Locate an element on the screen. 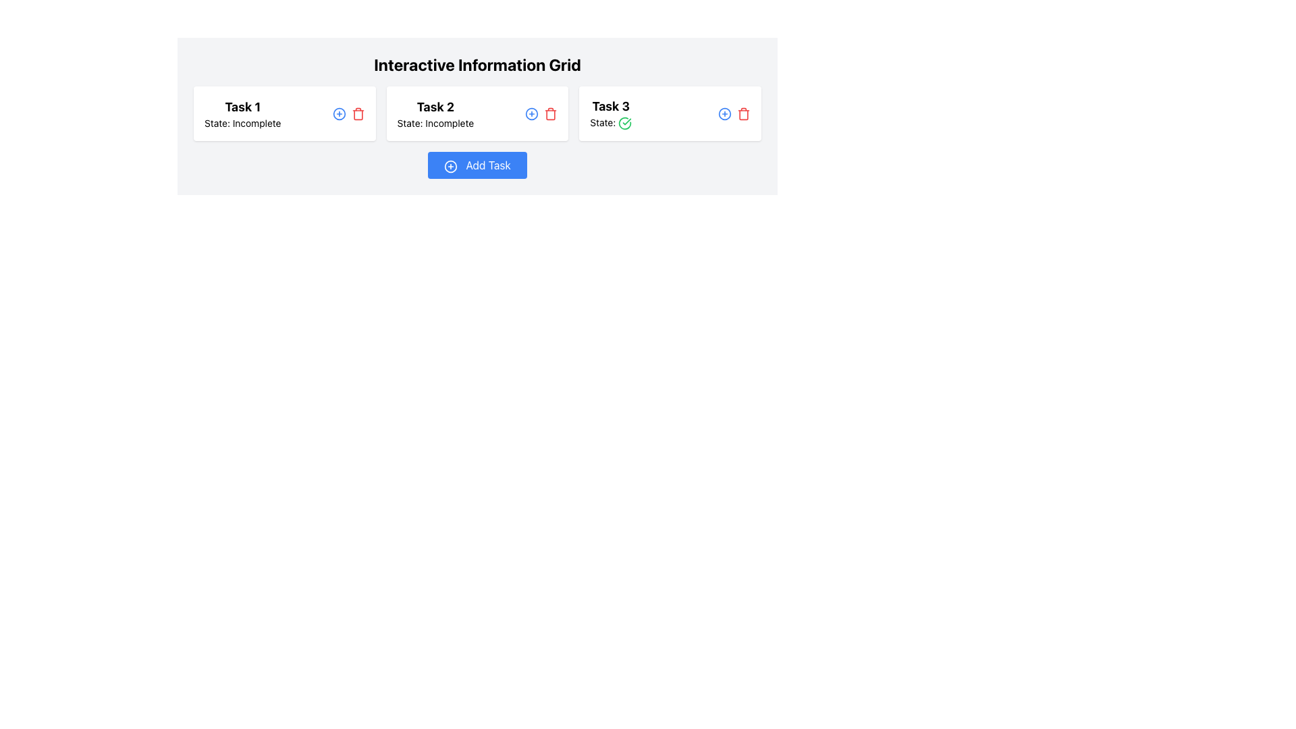 The height and width of the screenshot is (729, 1296). the checkmark icon in the third task card labeled 'Task 3' to indicate task completion is located at coordinates (624, 123).